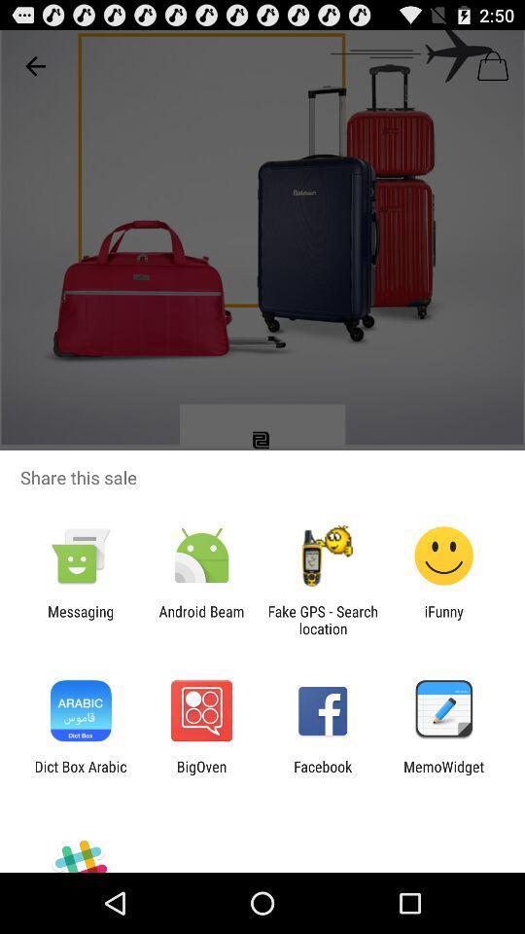  I want to click on ifunny, so click(443, 619).